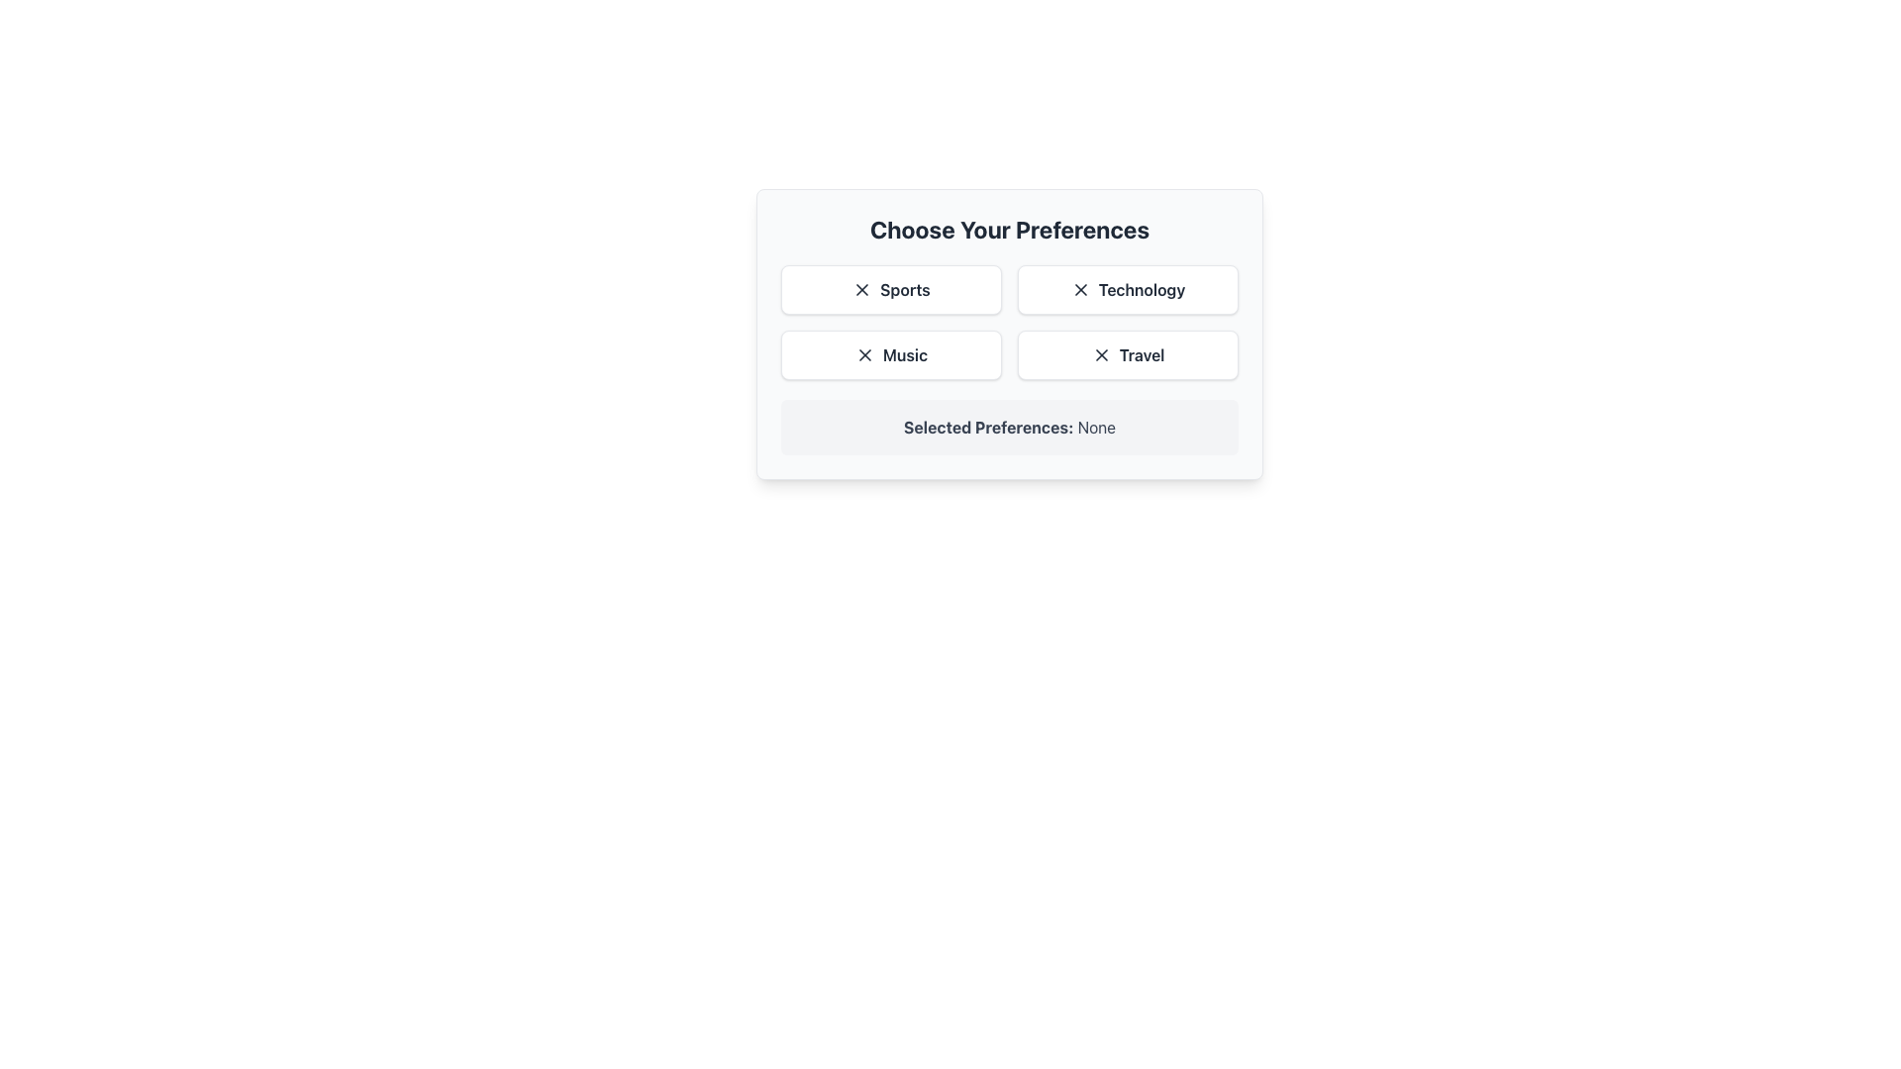  I want to click on the 'X' icon located to the left of the 'Technology' label to deselect the 'Technology' option, so click(1079, 290).